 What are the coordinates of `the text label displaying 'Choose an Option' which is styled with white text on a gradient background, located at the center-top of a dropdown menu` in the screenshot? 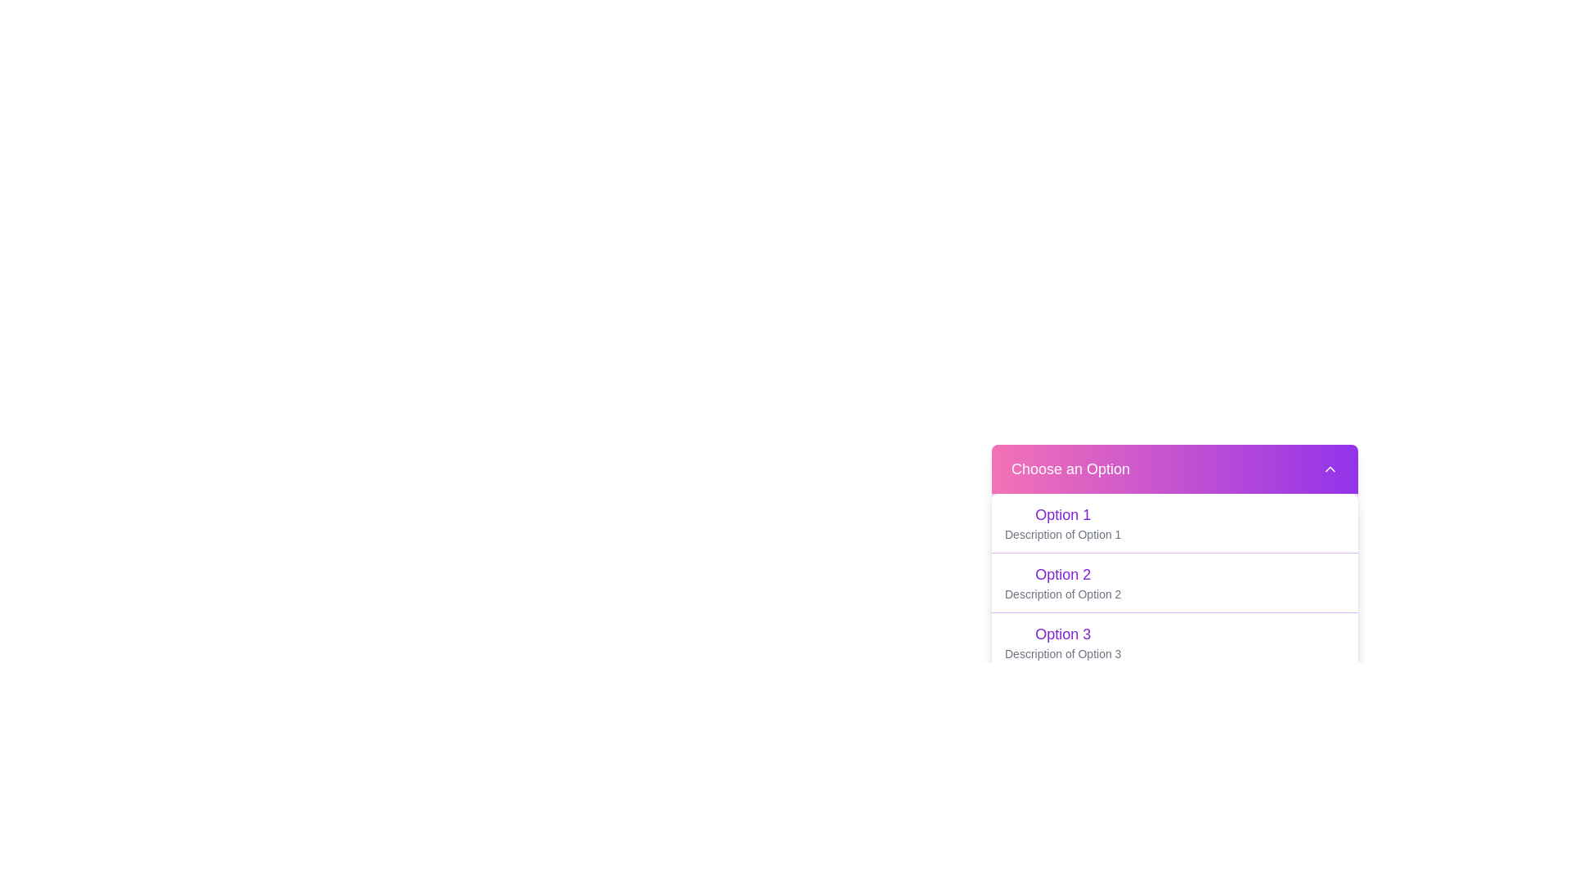 It's located at (1070, 469).